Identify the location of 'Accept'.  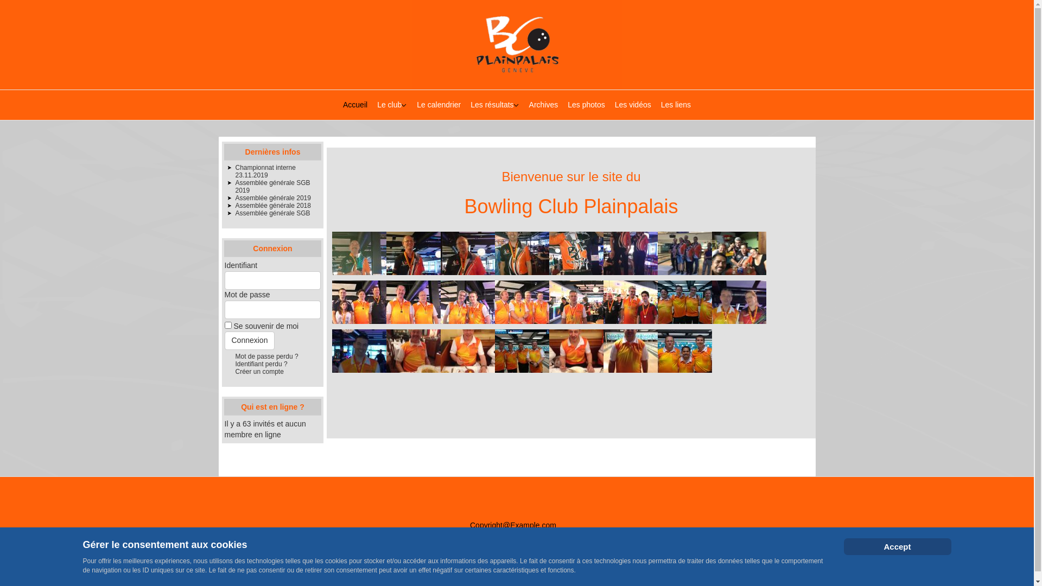
(843, 546).